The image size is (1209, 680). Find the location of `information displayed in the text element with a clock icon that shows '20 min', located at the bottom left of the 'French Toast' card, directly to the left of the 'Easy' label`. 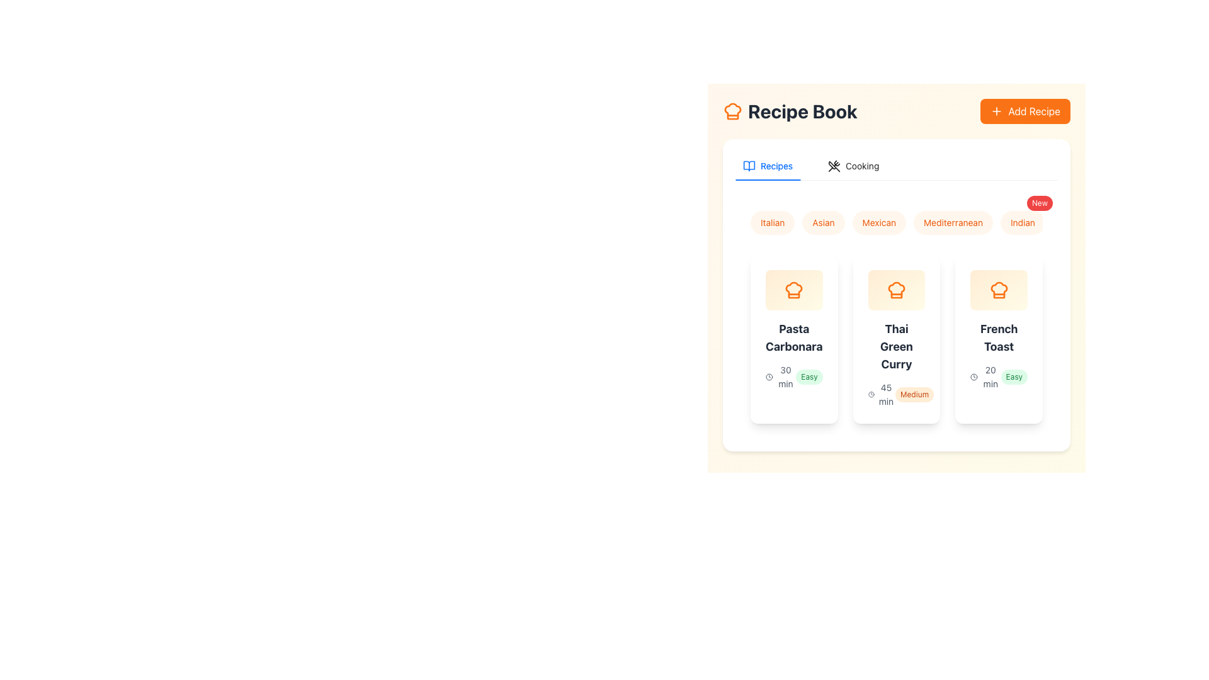

information displayed in the text element with a clock icon that shows '20 min', located at the bottom left of the 'French Toast' card, directly to the left of the 'Easy' label is located at coordinates (985, 376).